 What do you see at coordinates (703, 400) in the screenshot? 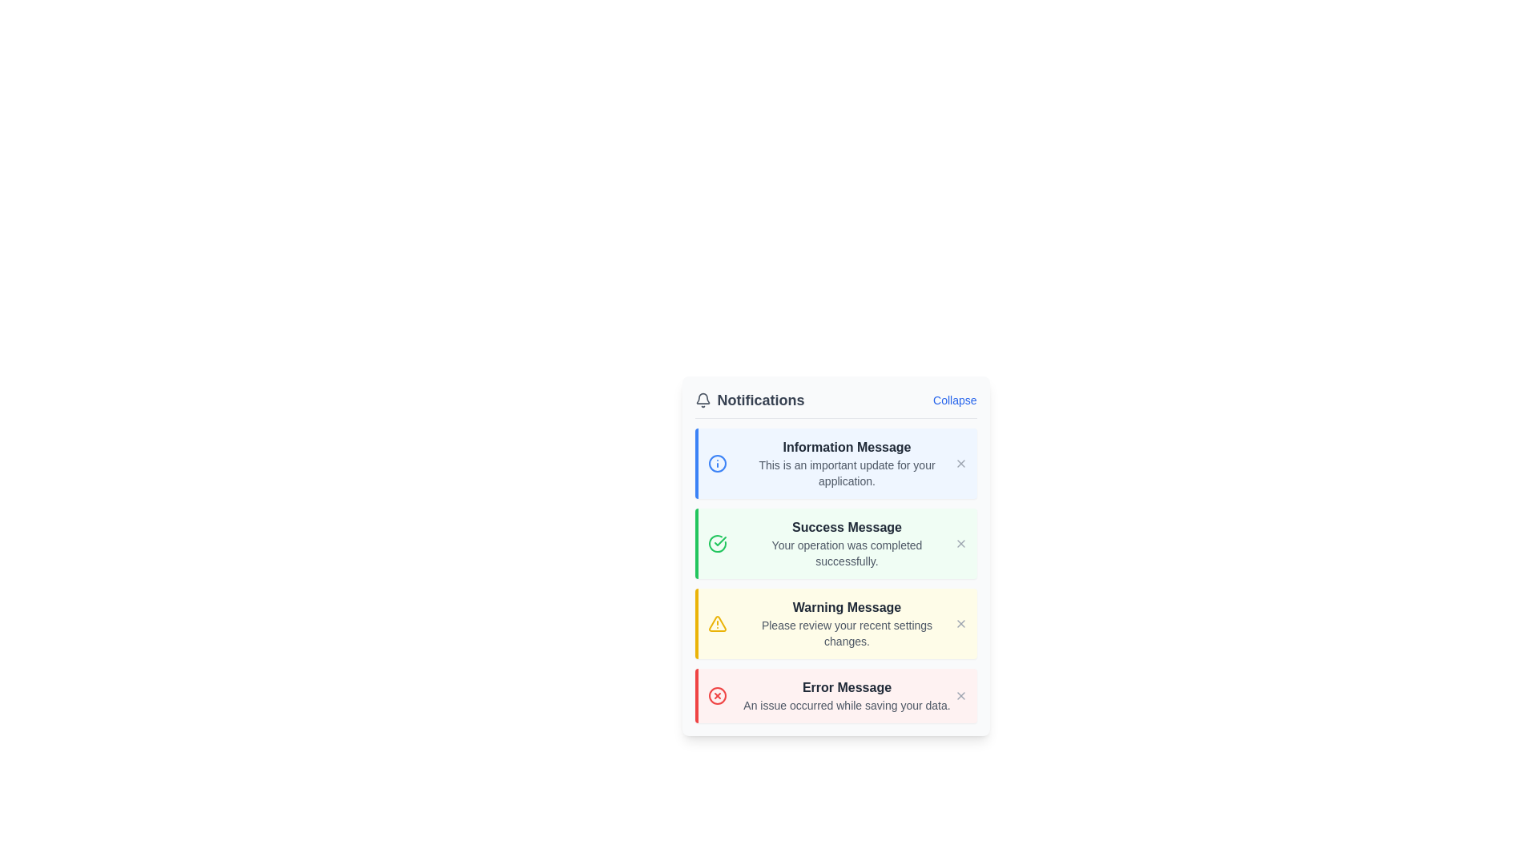
I see `the bell-shaped notification icon located to the left of the 'Notifications' text in the top-left corner of the Notifications section` at bounding box center [703, 400].